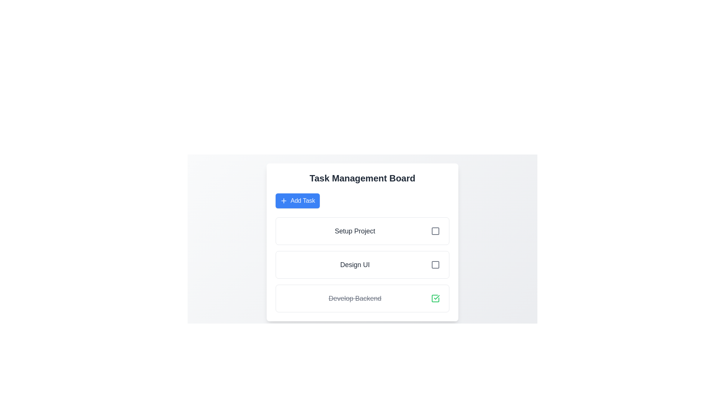  Describe the element at coordinates (297, 200) in the screenshot. I see `'Add Task' button to create a new task` at that location.